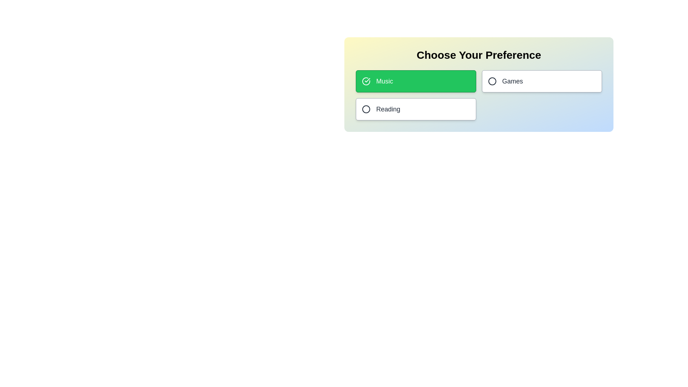 The width and height of the screenshot is (688, 387). What do you see at coordinates (492, 81) in the screenshot?
I see `the circular icon (a radio button or status indicator) inside the 'Games' button` at bounding box center [492, 81].